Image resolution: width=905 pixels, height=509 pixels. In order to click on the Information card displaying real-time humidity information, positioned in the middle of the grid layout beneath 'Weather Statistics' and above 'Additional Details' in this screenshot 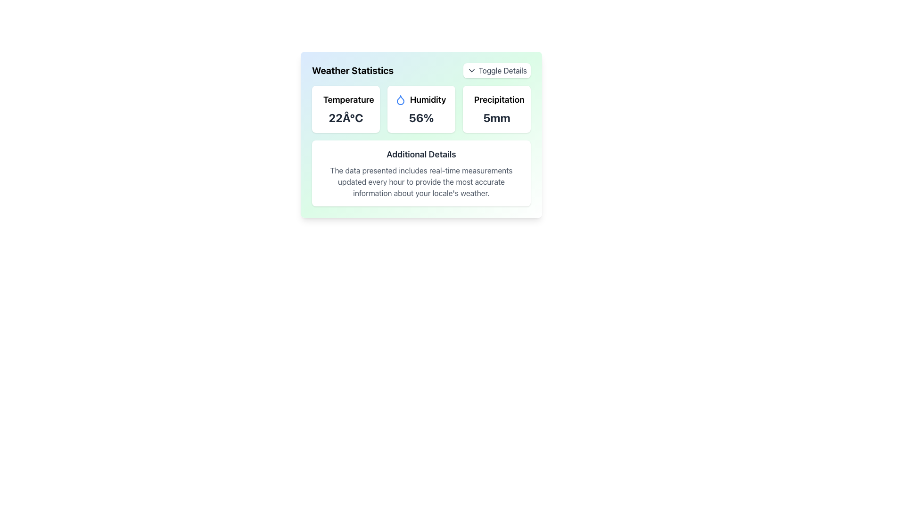, I will do `click(420, 108)`.